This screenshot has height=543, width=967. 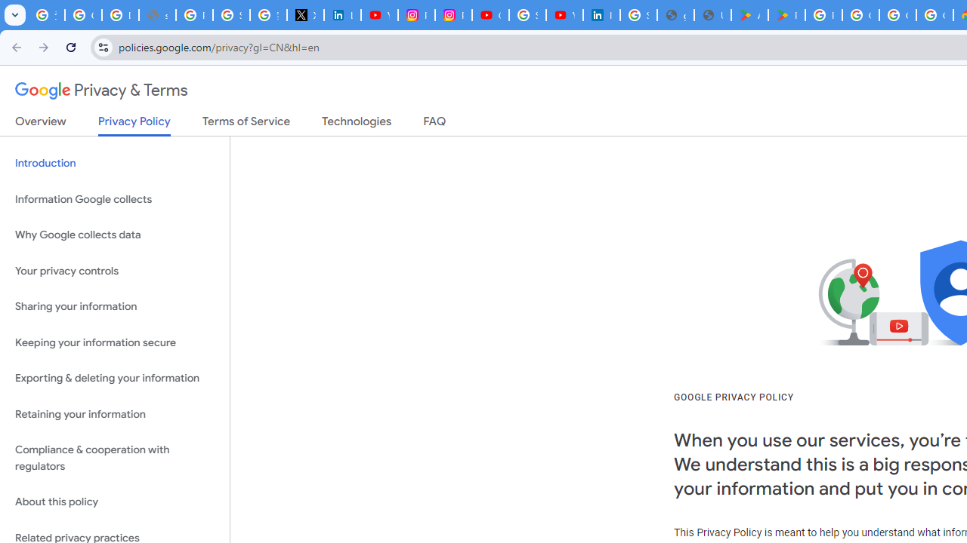 What do you see at coordinates (786, 15) in the screenshot?
I see `'PAW Patrol Rescue World - Apps on Google Play'` at bounding box center [786, 15].